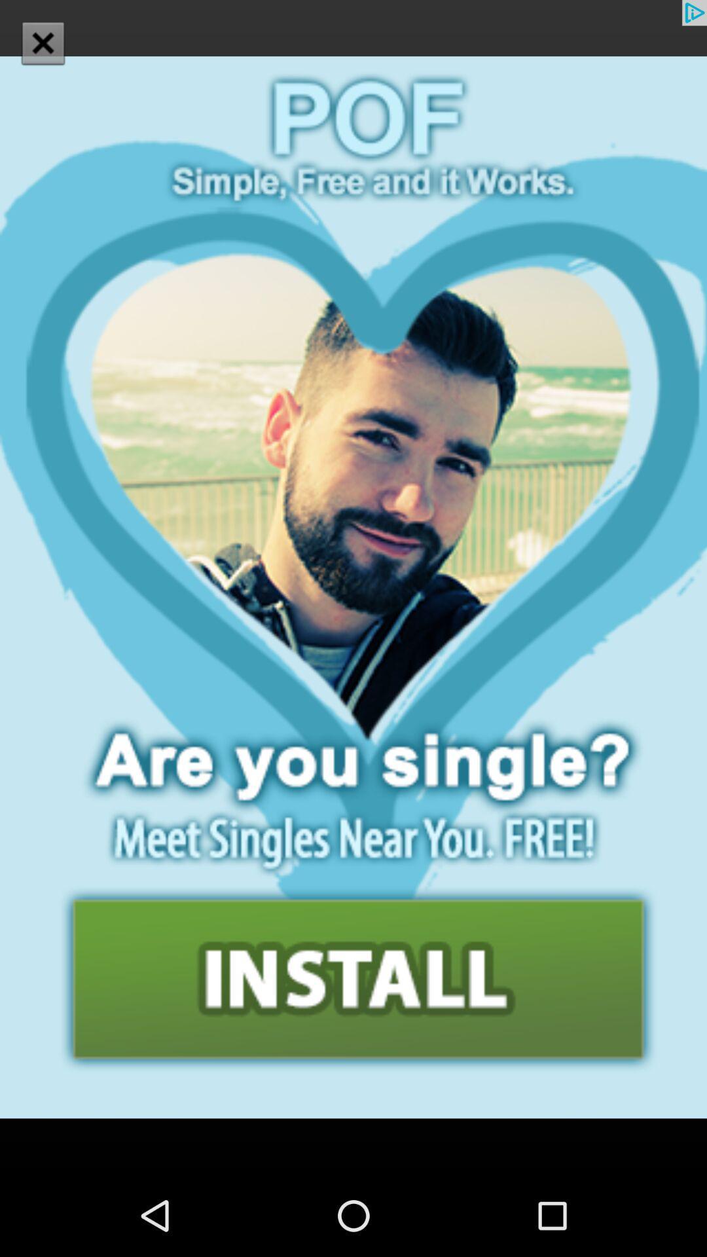  I want to click on the close icon, so click(42, 46).